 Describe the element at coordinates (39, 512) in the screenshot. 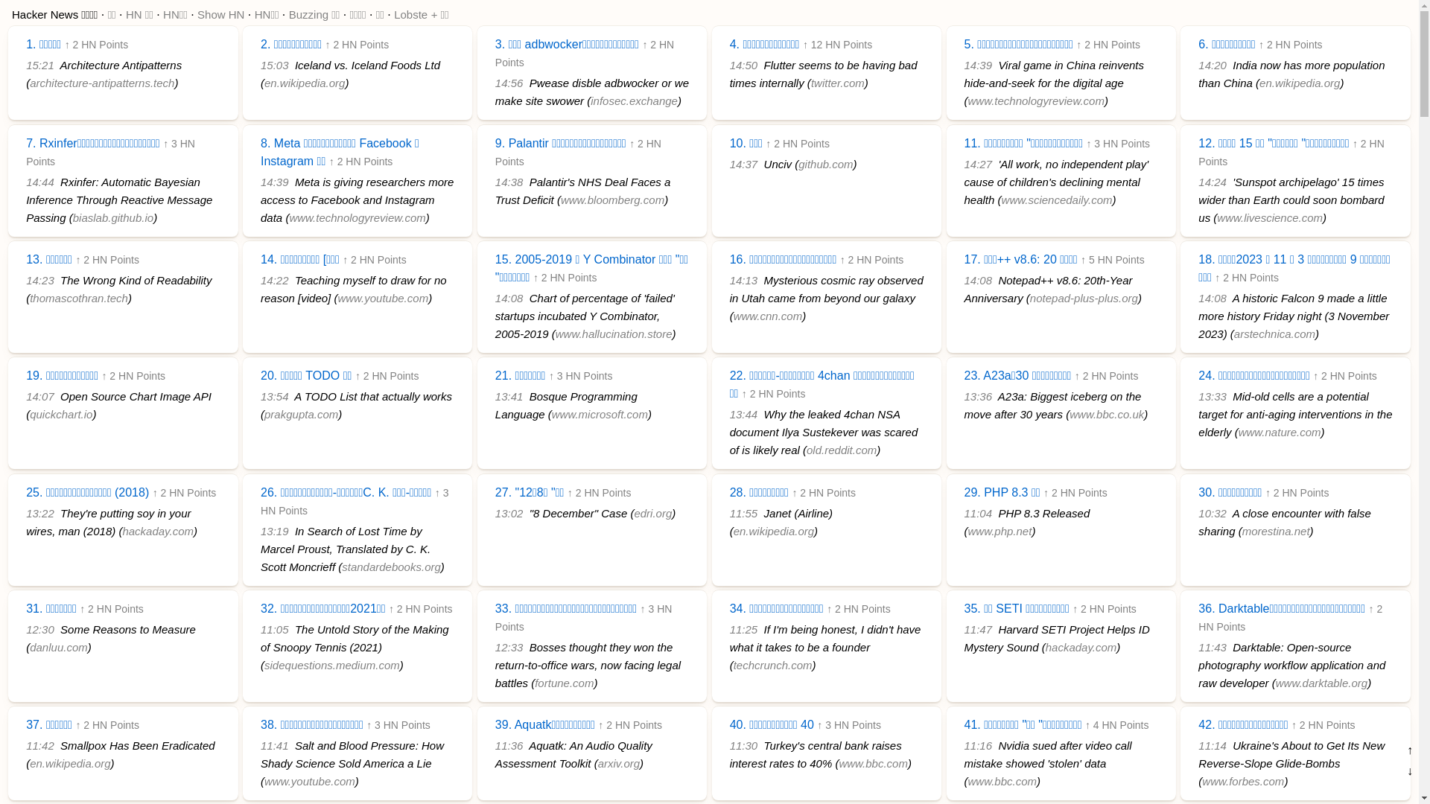

I see `'13:22'` at that location.